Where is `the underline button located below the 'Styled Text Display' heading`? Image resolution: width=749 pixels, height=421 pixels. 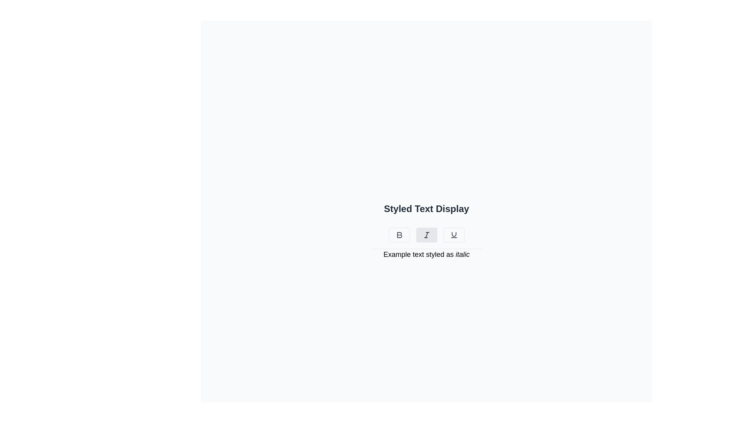 the underline button located below the 'Styled Text Display' heading is located at coordinates (454, 234).